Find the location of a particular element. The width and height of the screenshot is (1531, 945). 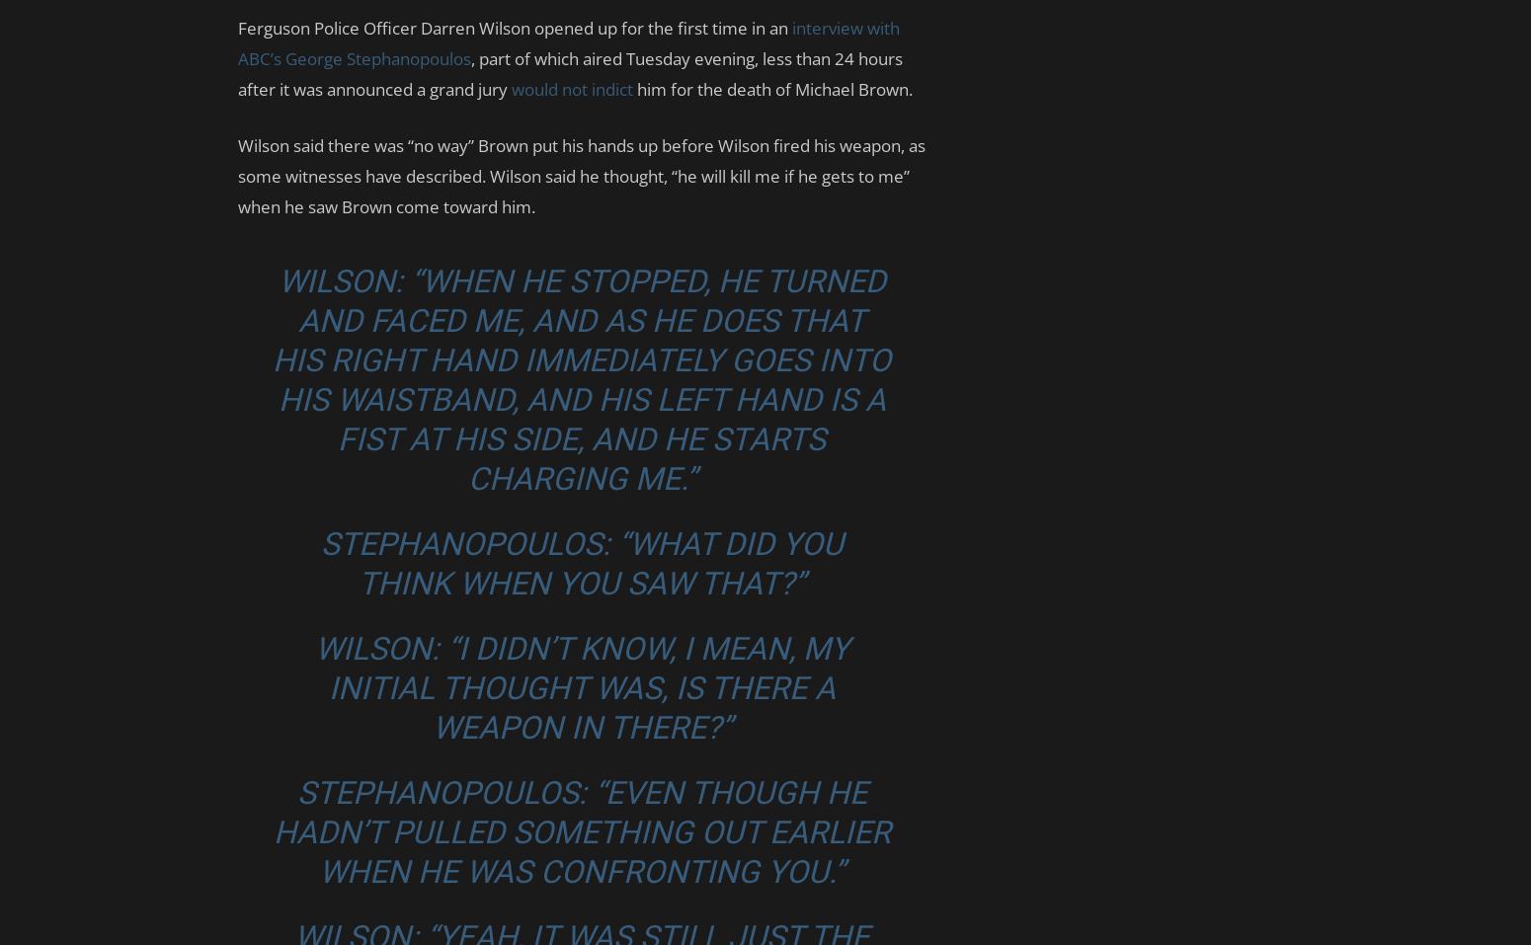

', part of which aired Tuesday evening, less than 24 hours after it was announced a grand jury' is located at coordinates (570, 73).